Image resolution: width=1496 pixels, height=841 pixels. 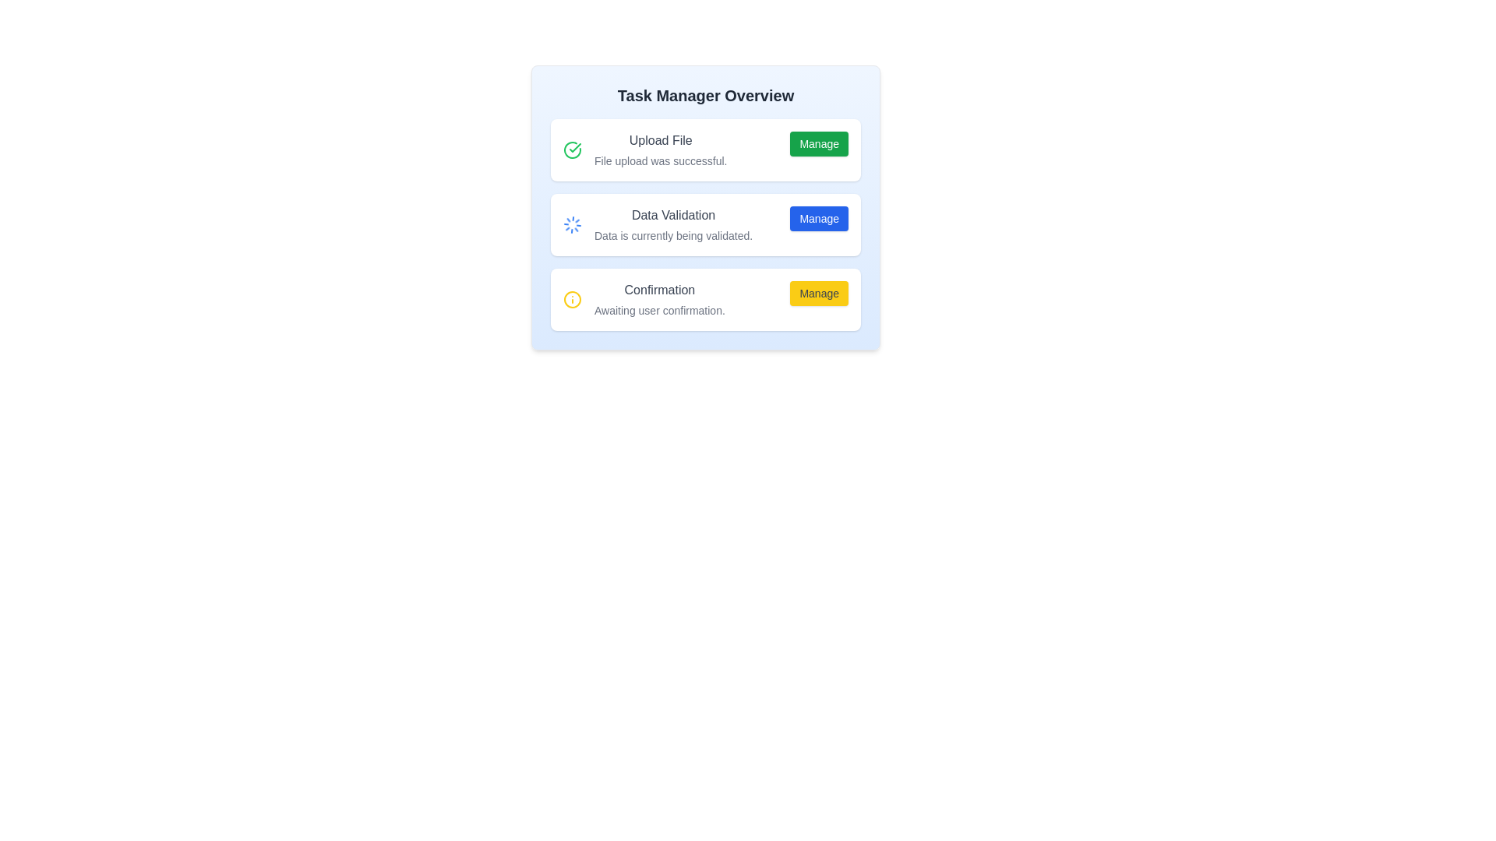 I want to click on the circular green checkmark icon indicating success, which is located to the left of the 'Upload File' text in the topmost section of the interface, so click(x=571, y=150).